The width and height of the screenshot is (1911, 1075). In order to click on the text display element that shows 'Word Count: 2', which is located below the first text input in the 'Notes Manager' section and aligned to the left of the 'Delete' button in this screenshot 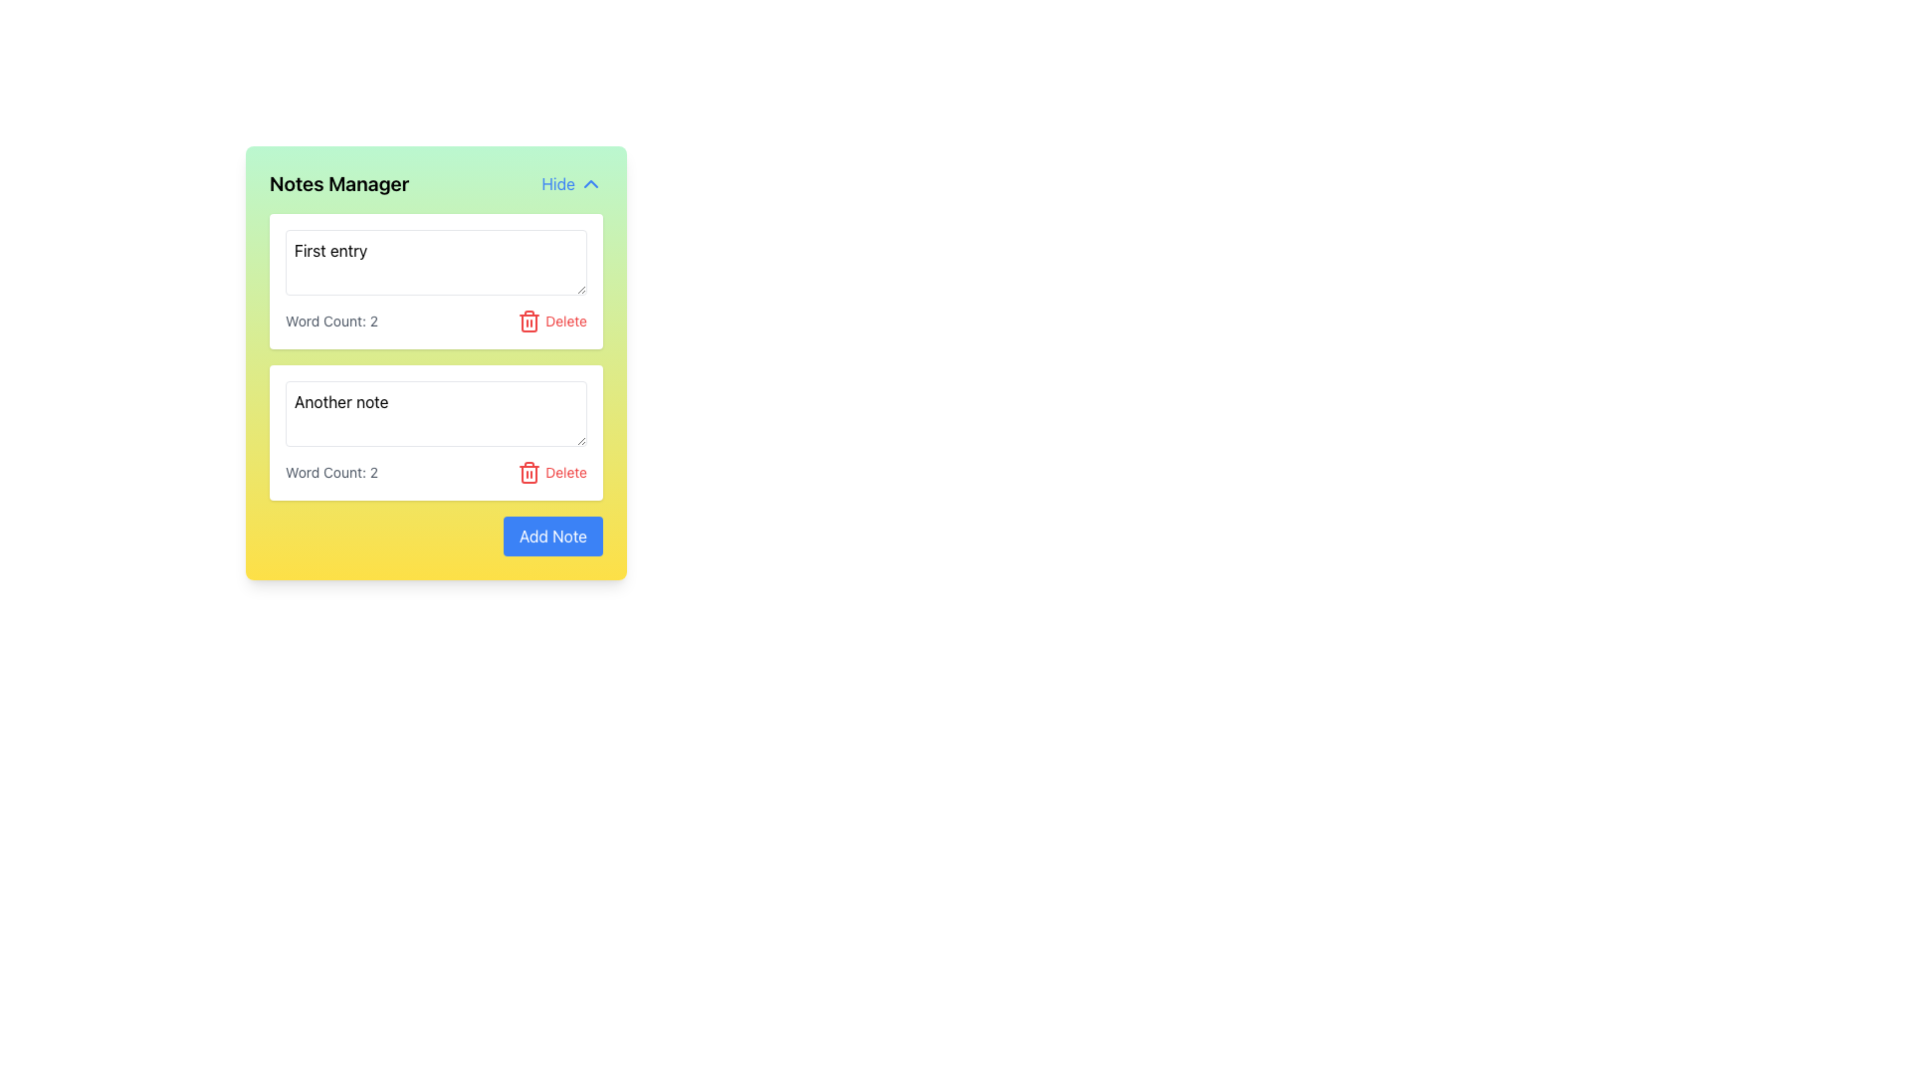, I will do `click(331, 321)`.